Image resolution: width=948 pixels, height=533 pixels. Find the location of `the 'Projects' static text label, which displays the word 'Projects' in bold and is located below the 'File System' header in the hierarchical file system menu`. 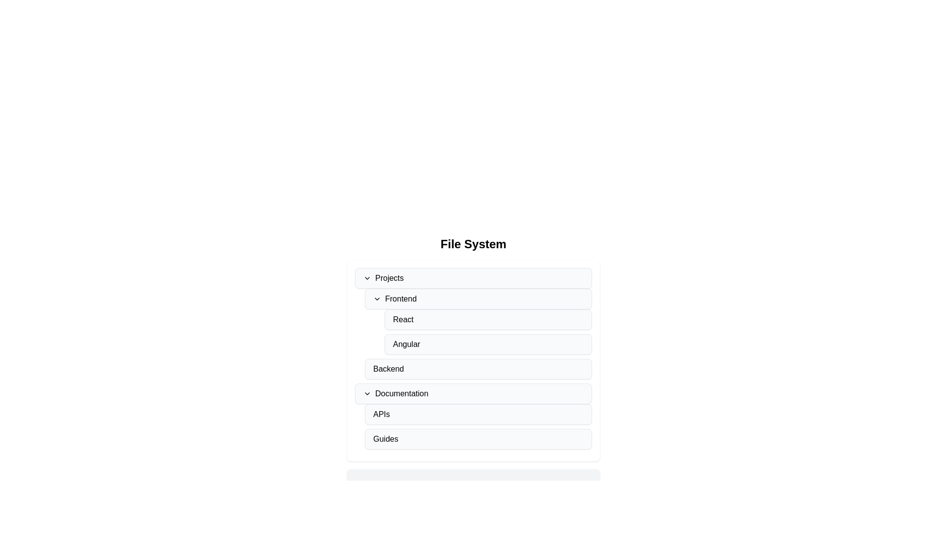

the 'Projects' static text label, which displays the word 'Projects' in bold and is located below the 'File System' header in the hierarchical file system menu is located at coordinates (389, 278).